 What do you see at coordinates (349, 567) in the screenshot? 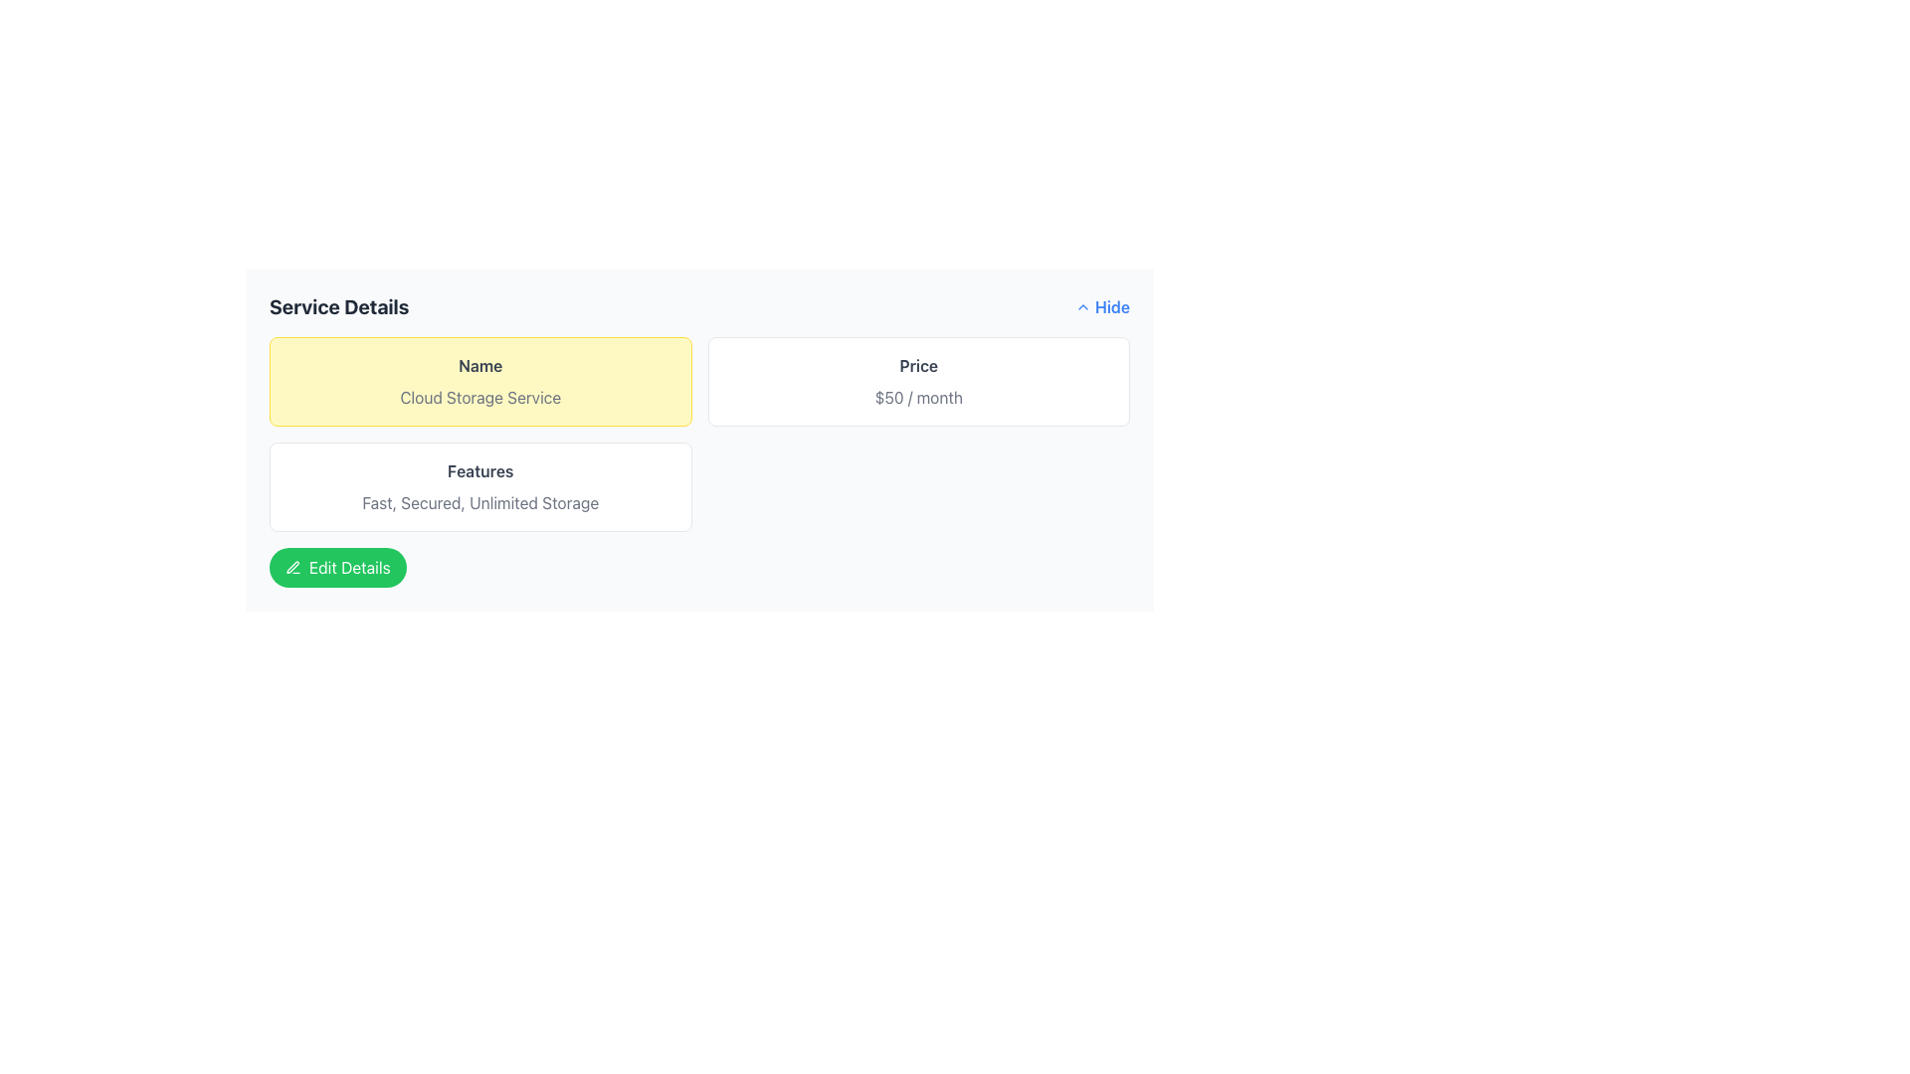
I see `the 'Edit Details' button, which is a green rounded button with white text, located at the bottom-left corner of the service details panel, to initiate editing` at bounding box center [349, 567].